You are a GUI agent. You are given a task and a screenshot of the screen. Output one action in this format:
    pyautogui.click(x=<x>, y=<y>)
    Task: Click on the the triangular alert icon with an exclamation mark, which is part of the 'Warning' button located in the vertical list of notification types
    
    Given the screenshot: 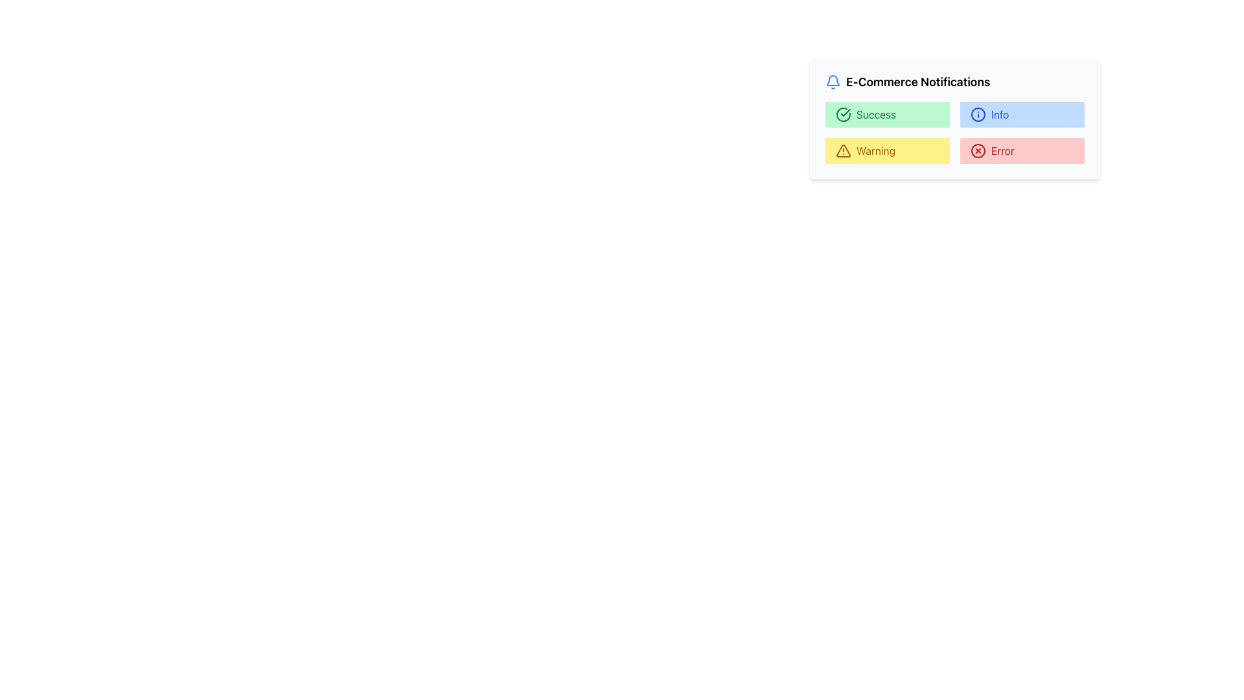 What is the action you would take?
    pyautogui.click(x=843, y=150)
    